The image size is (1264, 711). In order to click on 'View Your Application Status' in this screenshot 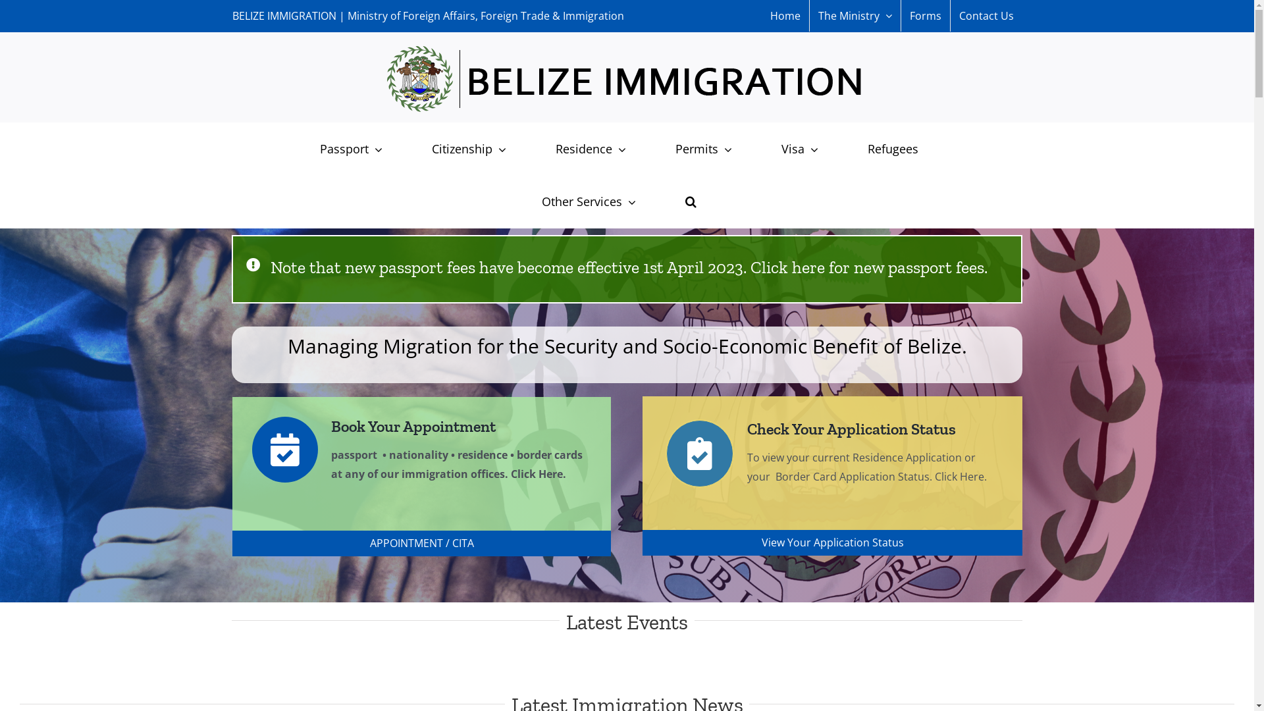, I will do `click(831, 542)`.